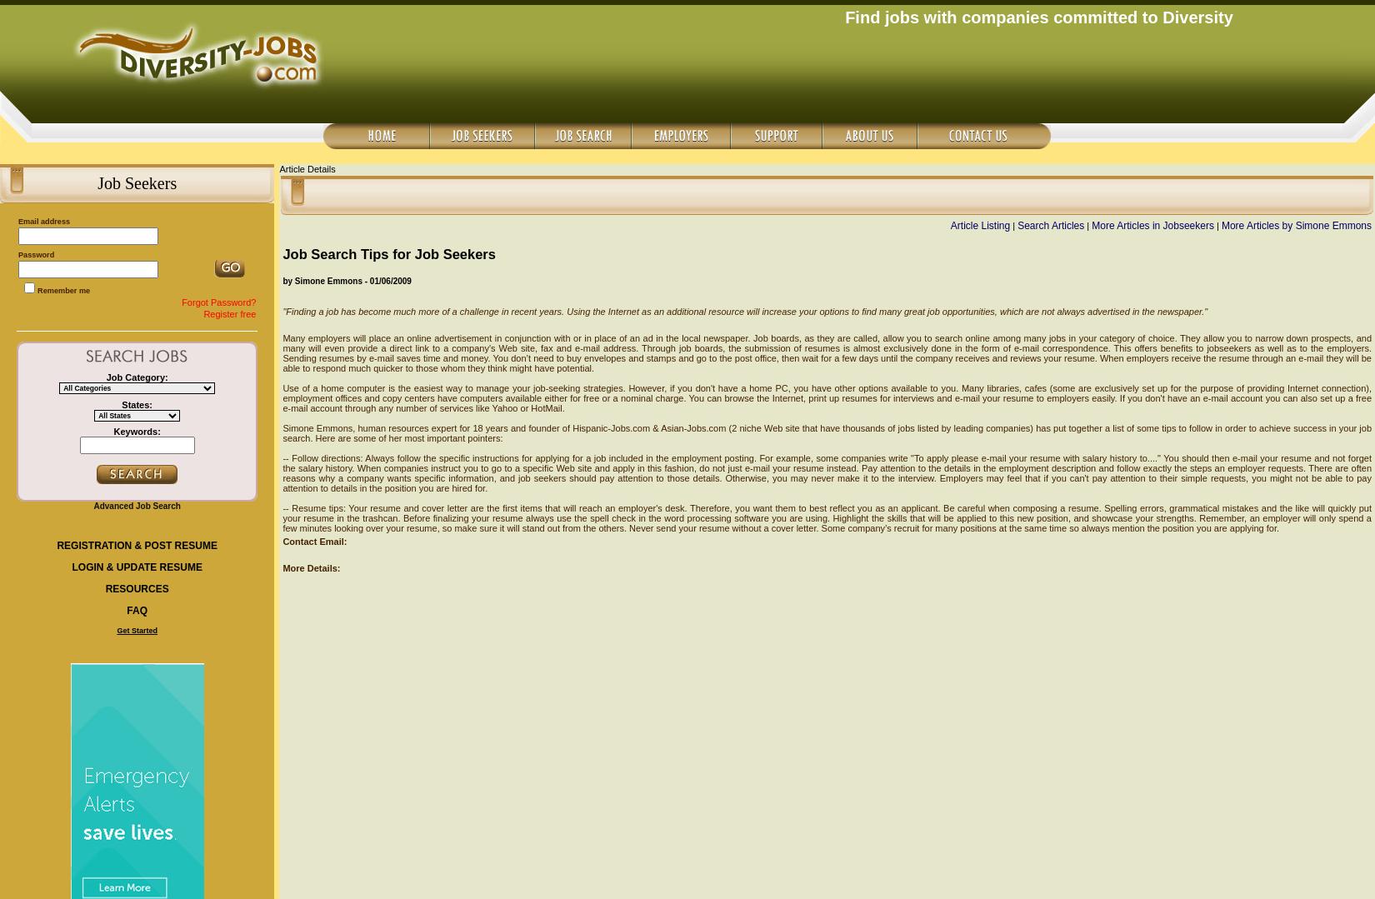 The image size is (1375, 899). What do you see at coordinates (137, 609) in the screenshot?
I see `'FAQ'` at bounding box center [137, 609].